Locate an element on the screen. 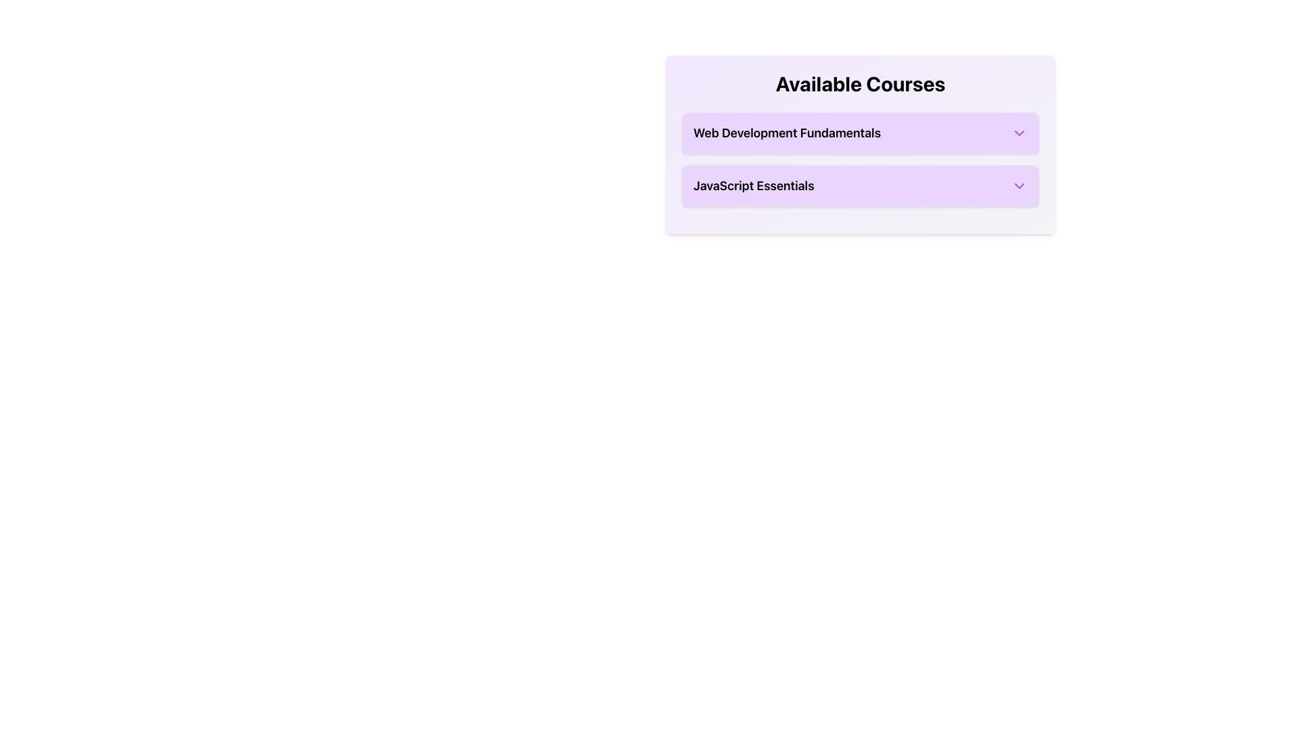 This screenshot has width=1299, height=731. the downward-facing chevron arrow SVG icon outlined in purple is located at coordinates (1020, 185).